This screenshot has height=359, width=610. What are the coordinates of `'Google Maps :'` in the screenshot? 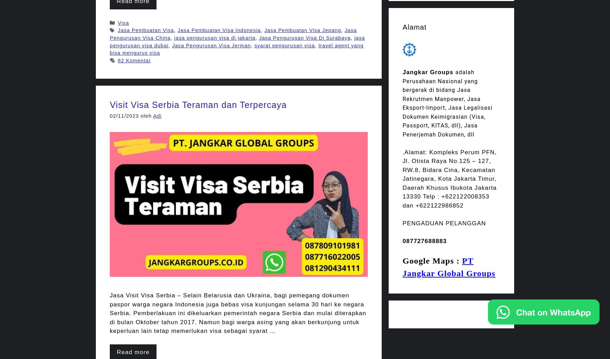 It's located at (432, 260).